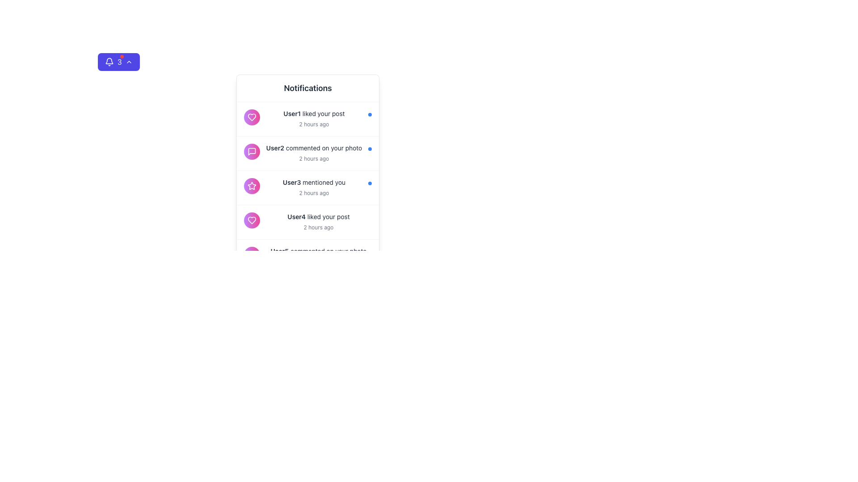  What do you see at coordinates (128, 61) in the screenshot?
I see `the downward-pointing chevron SVG icon located at the right of the notification indicator` at bounding box center [128, 61].